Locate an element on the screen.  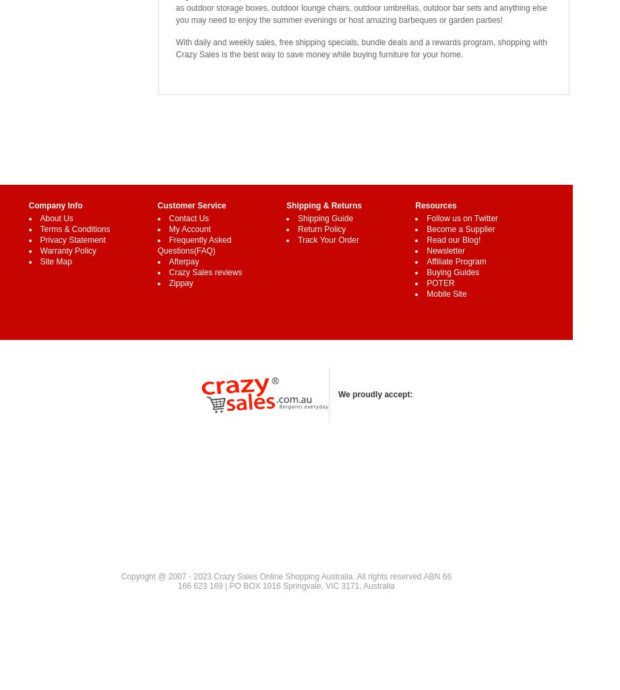
'Afterpay' is located at coordinates (168, 261).